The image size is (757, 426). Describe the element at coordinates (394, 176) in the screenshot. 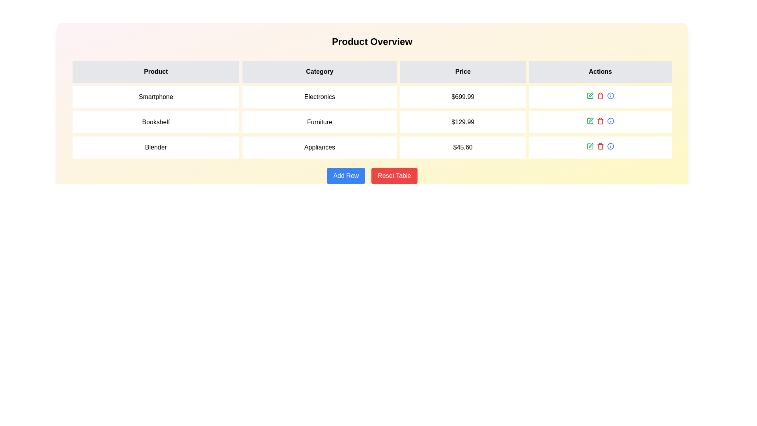

I see `the reset button located to the right of the 'Add Row' button at the bottom center of the interface to reset the table` at that location.